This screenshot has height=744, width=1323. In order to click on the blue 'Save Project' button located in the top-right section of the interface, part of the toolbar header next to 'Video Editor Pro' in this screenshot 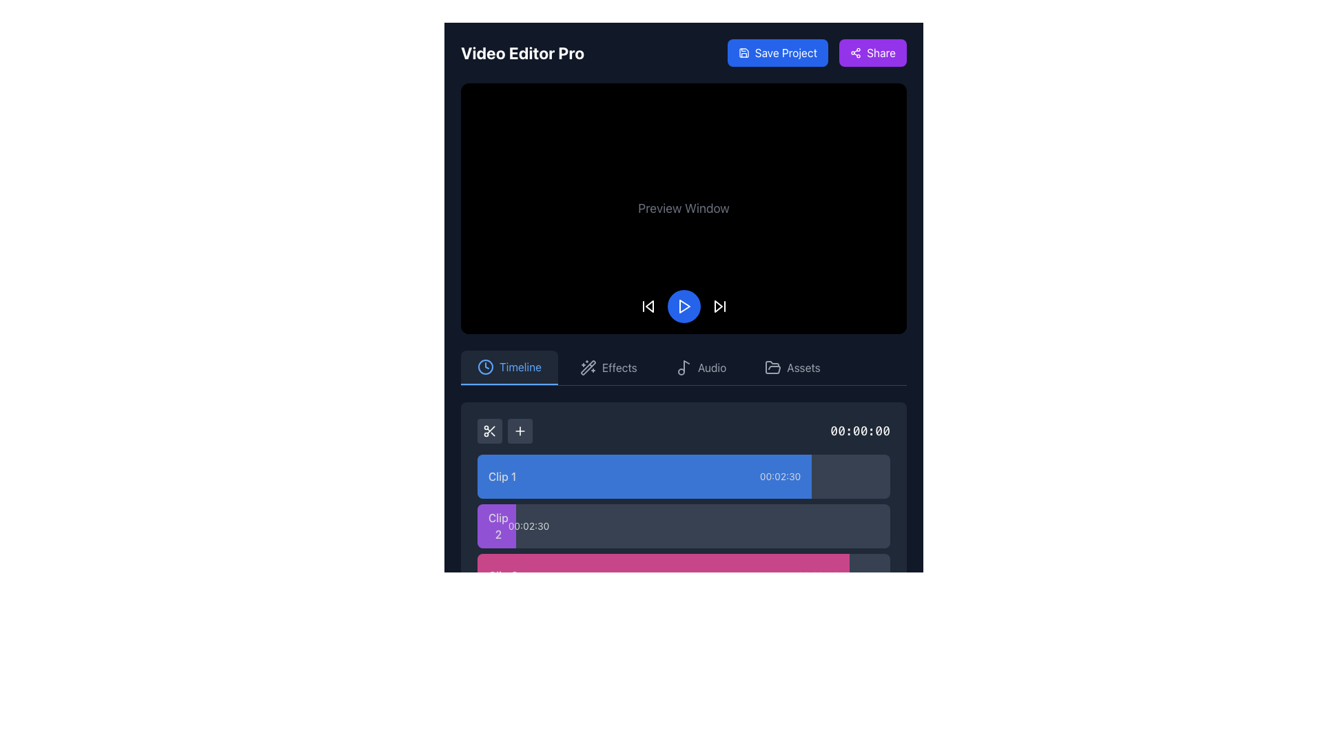, I will do `click(817, 52)`.